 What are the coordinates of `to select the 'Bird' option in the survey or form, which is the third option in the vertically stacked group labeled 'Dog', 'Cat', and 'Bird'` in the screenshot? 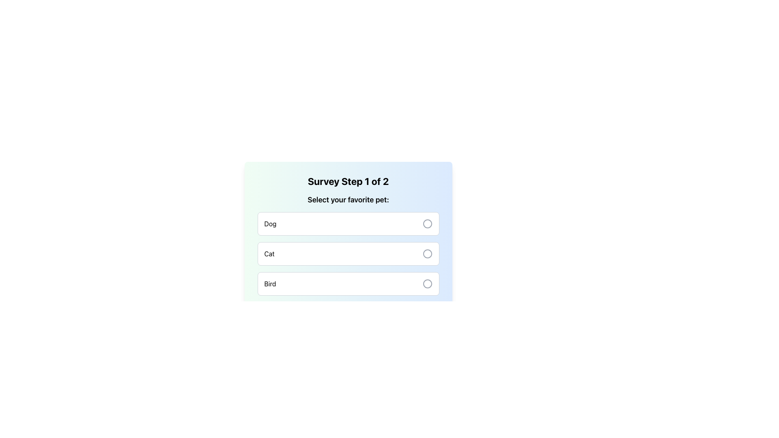 It's located at (348, 283).